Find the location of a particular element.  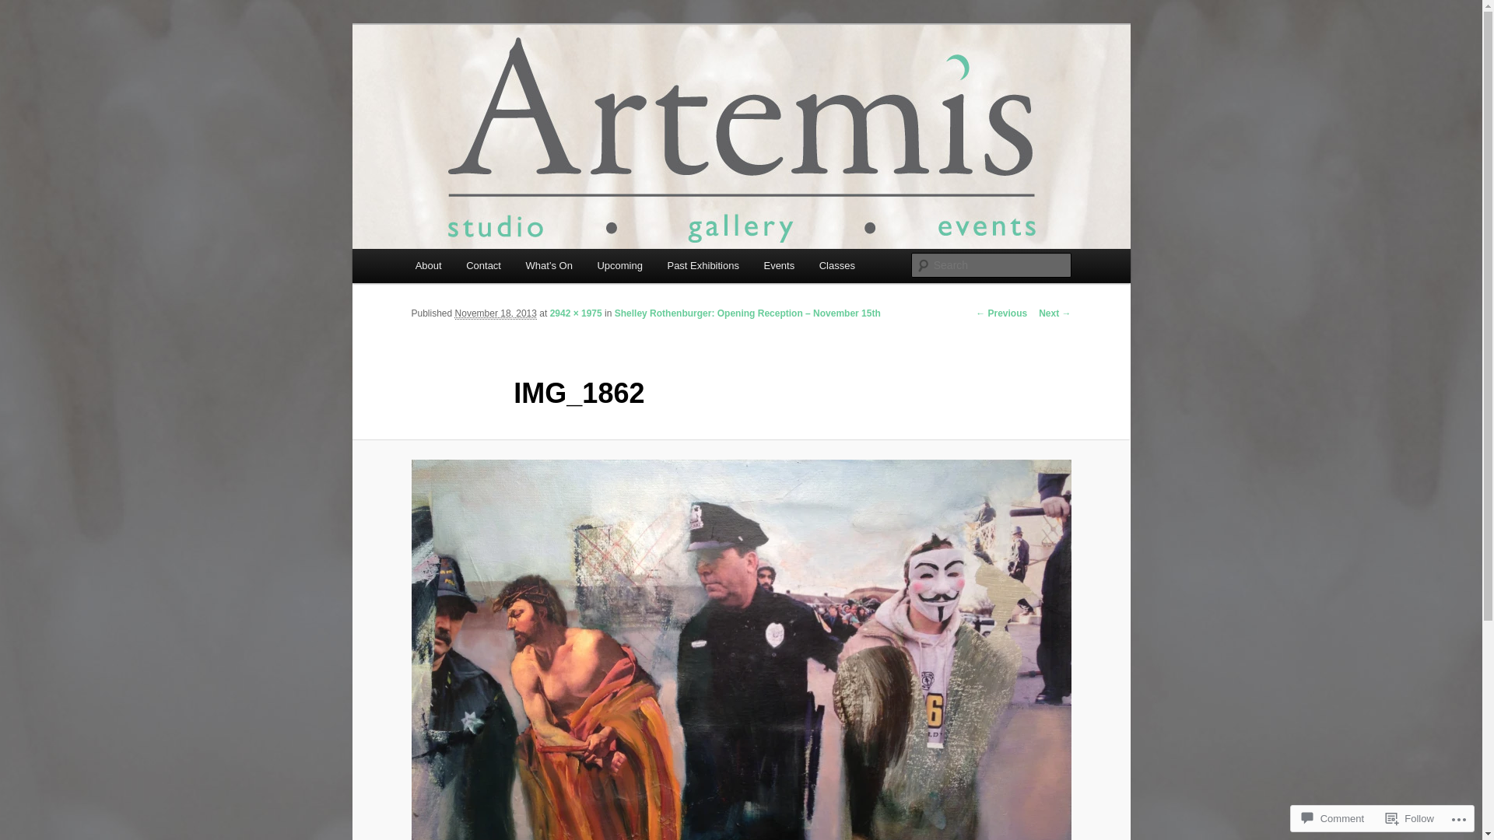

'Contact' is located at coordinates (482, 264).